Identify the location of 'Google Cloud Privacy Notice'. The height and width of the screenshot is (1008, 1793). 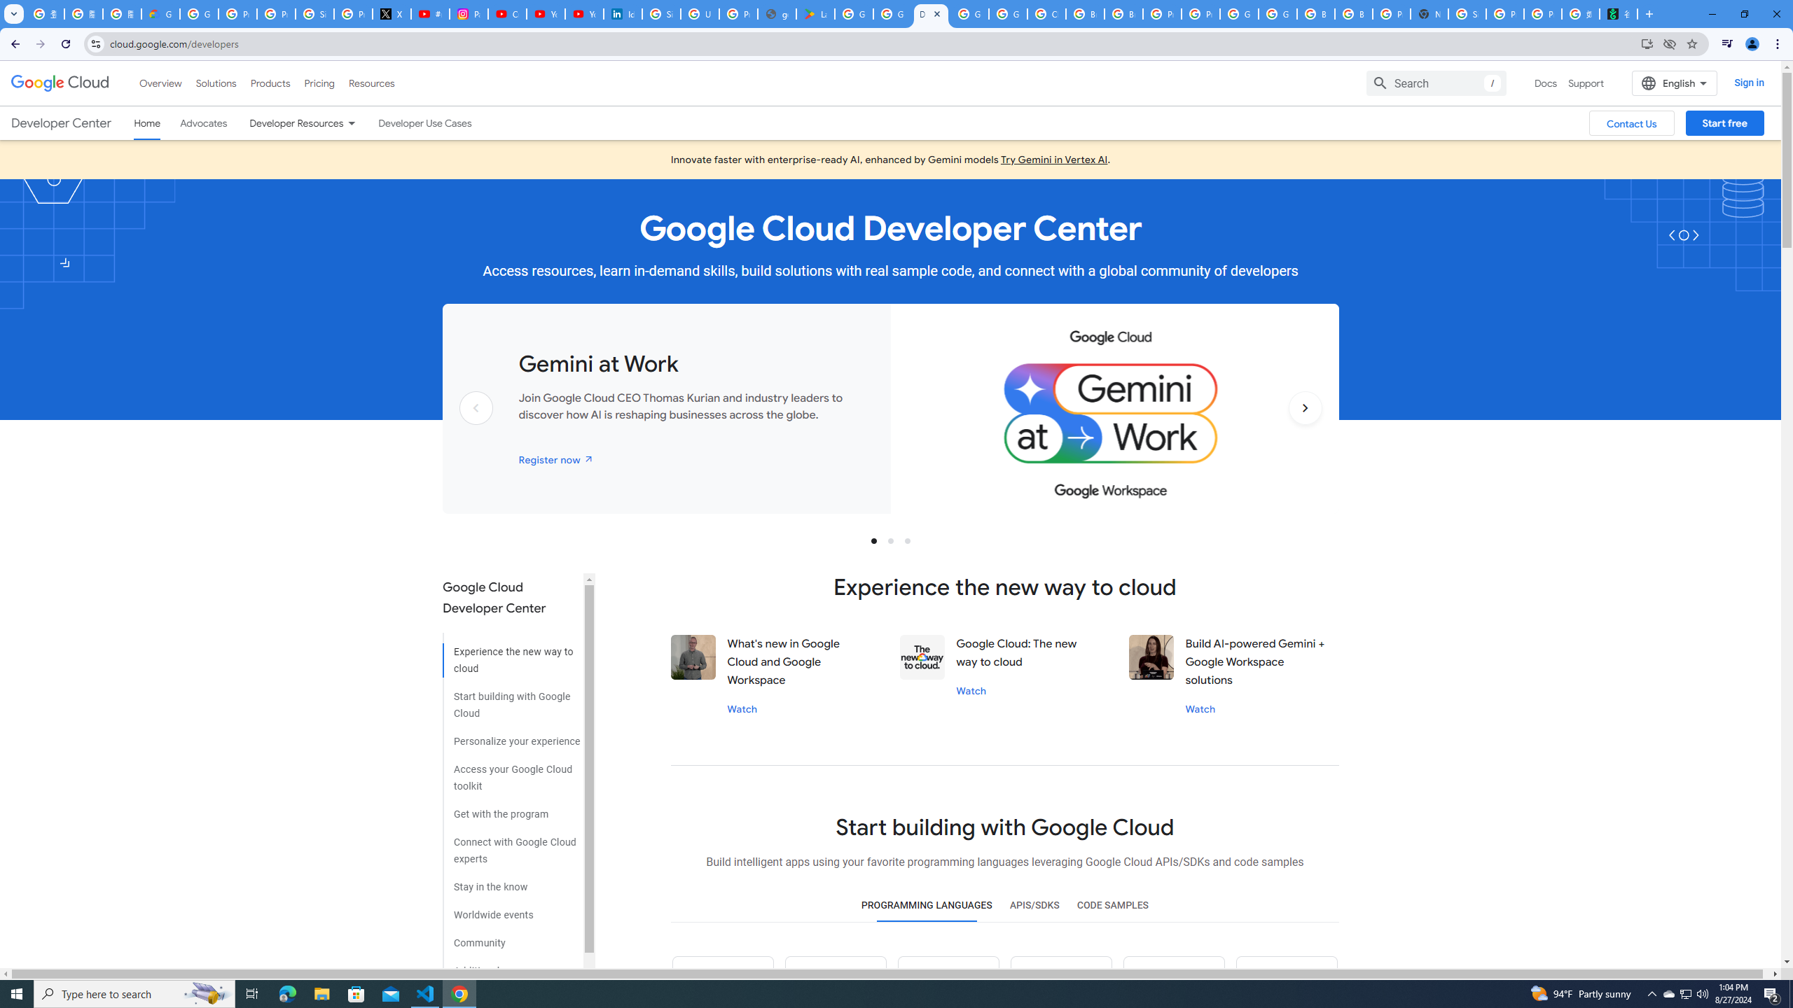
(160, 13).